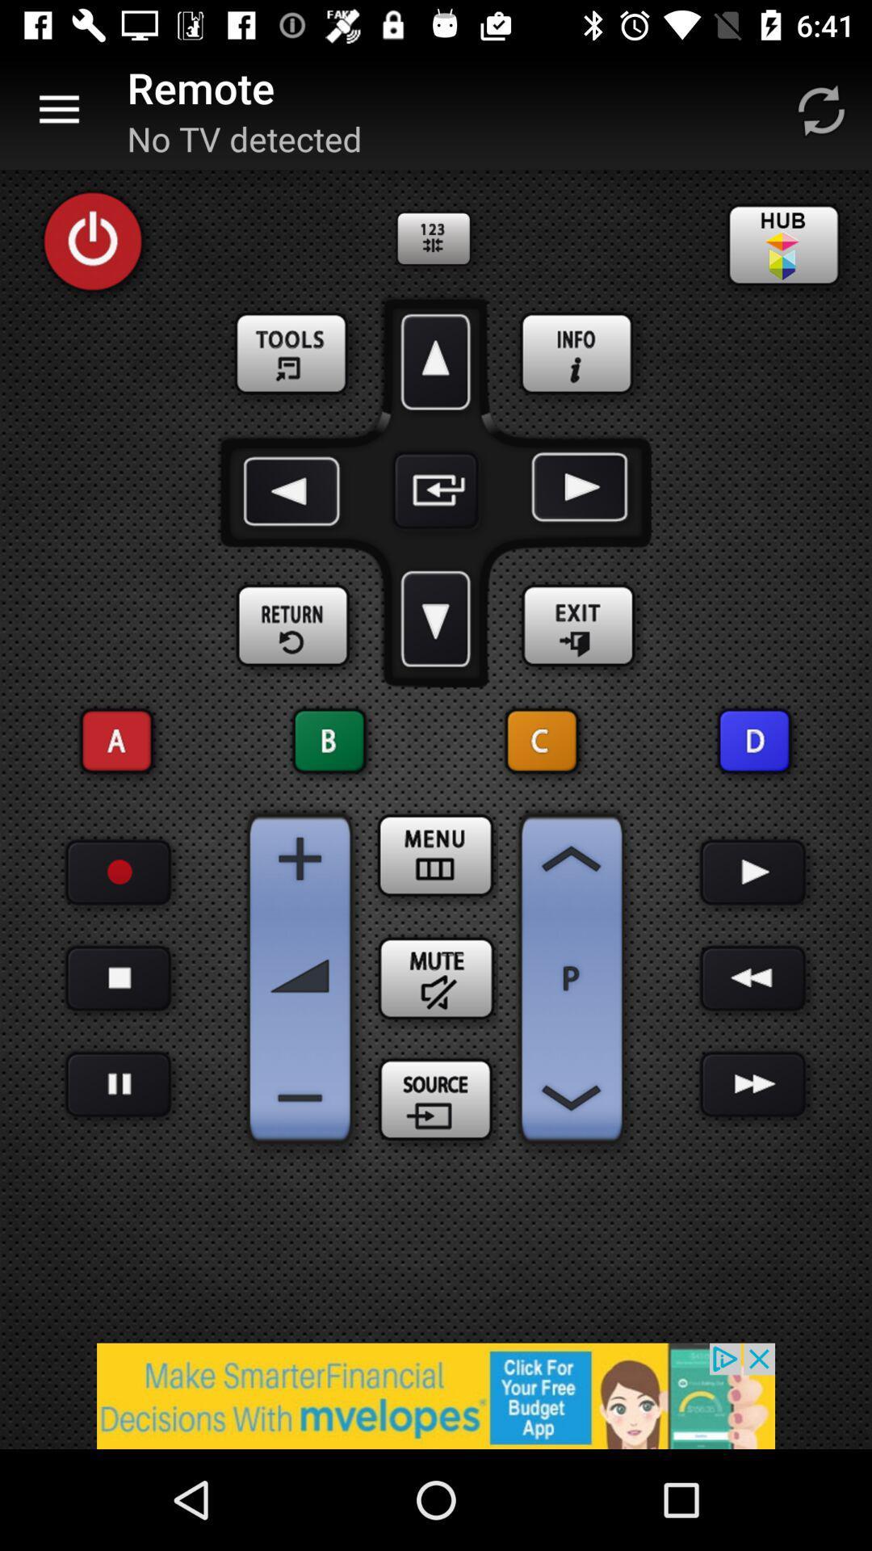  What do you see at coordinates (329, 740) in the screenshot?
I see `b` at bounding box center [329, 740].